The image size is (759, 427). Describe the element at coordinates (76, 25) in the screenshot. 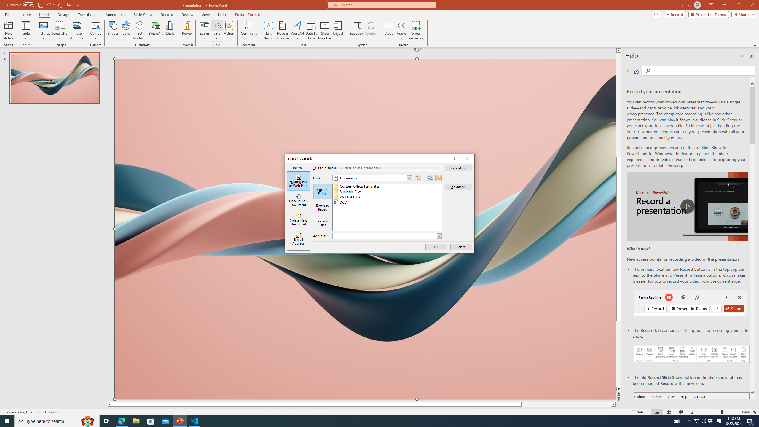

I see `'New Photo Album...'` at that location.